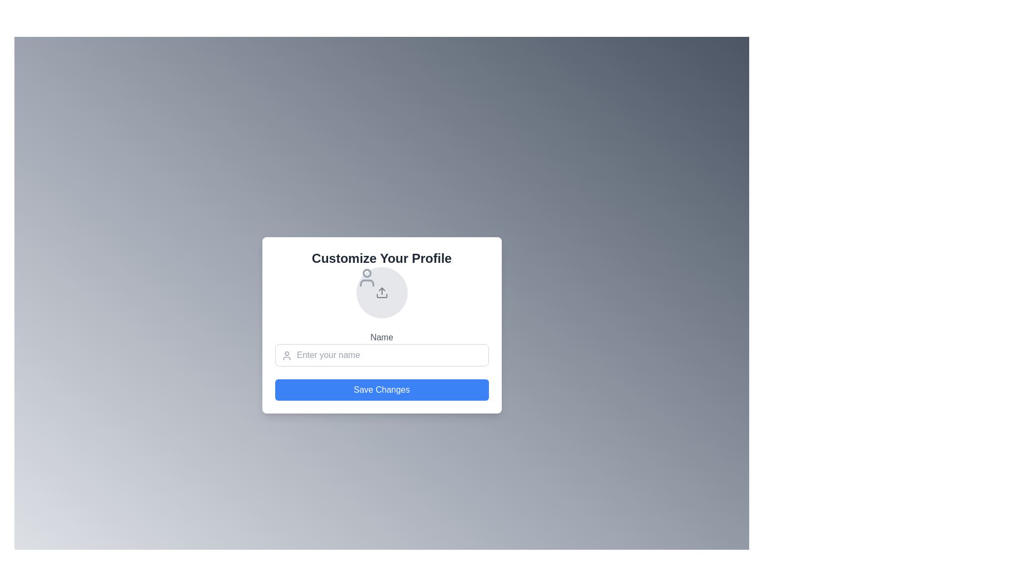  I want to click on the 'Save Changes' button, which is a rectangular button with a blue background and white text, located at the lower center of a modal dialog, directly below the 'Name' text field, so click(382, 389).